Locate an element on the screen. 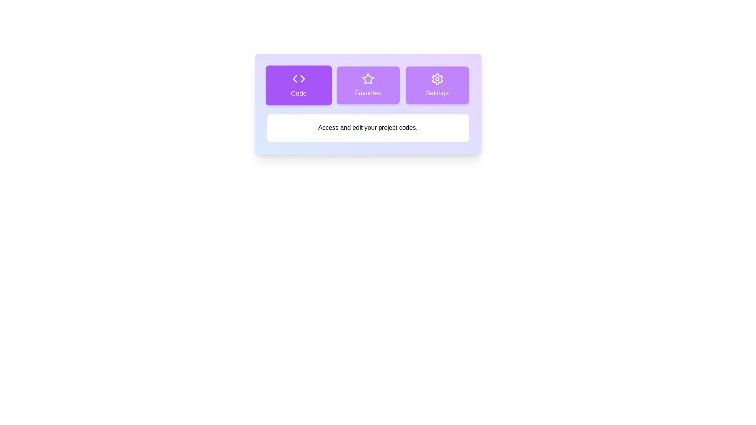  the settings button, which is the third button in a row of three buttons located to the right of 'Favorites' and beneath a gear icon is located at coordinates (437, 85).